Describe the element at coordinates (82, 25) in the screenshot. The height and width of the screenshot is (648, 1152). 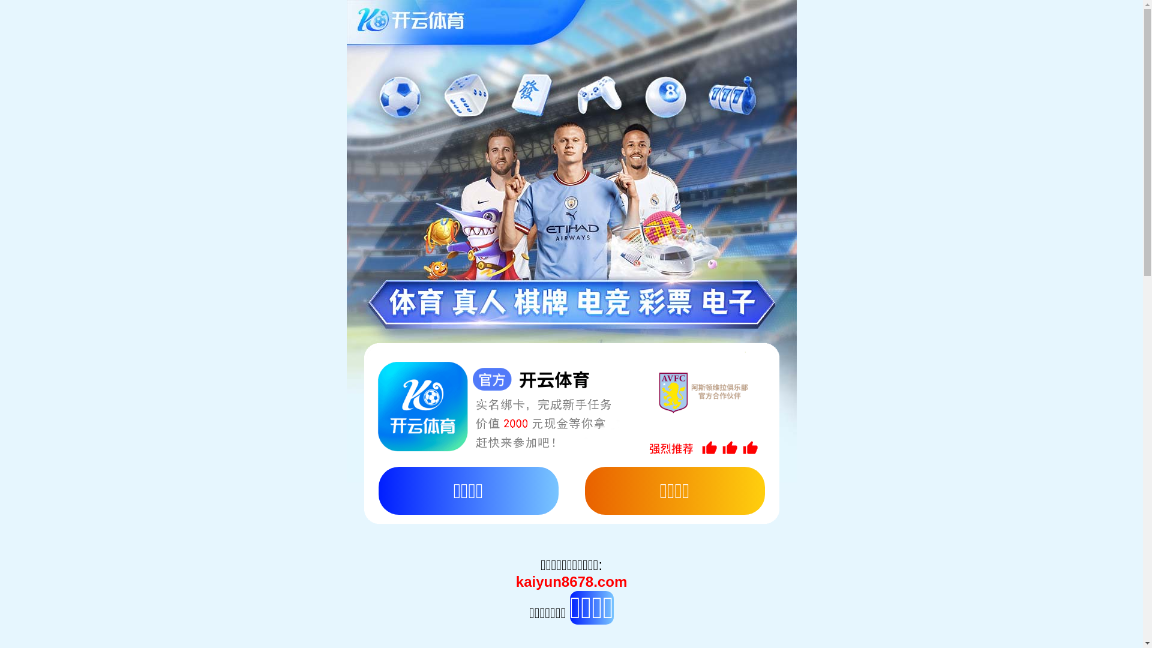
I see `'English'` at that location.